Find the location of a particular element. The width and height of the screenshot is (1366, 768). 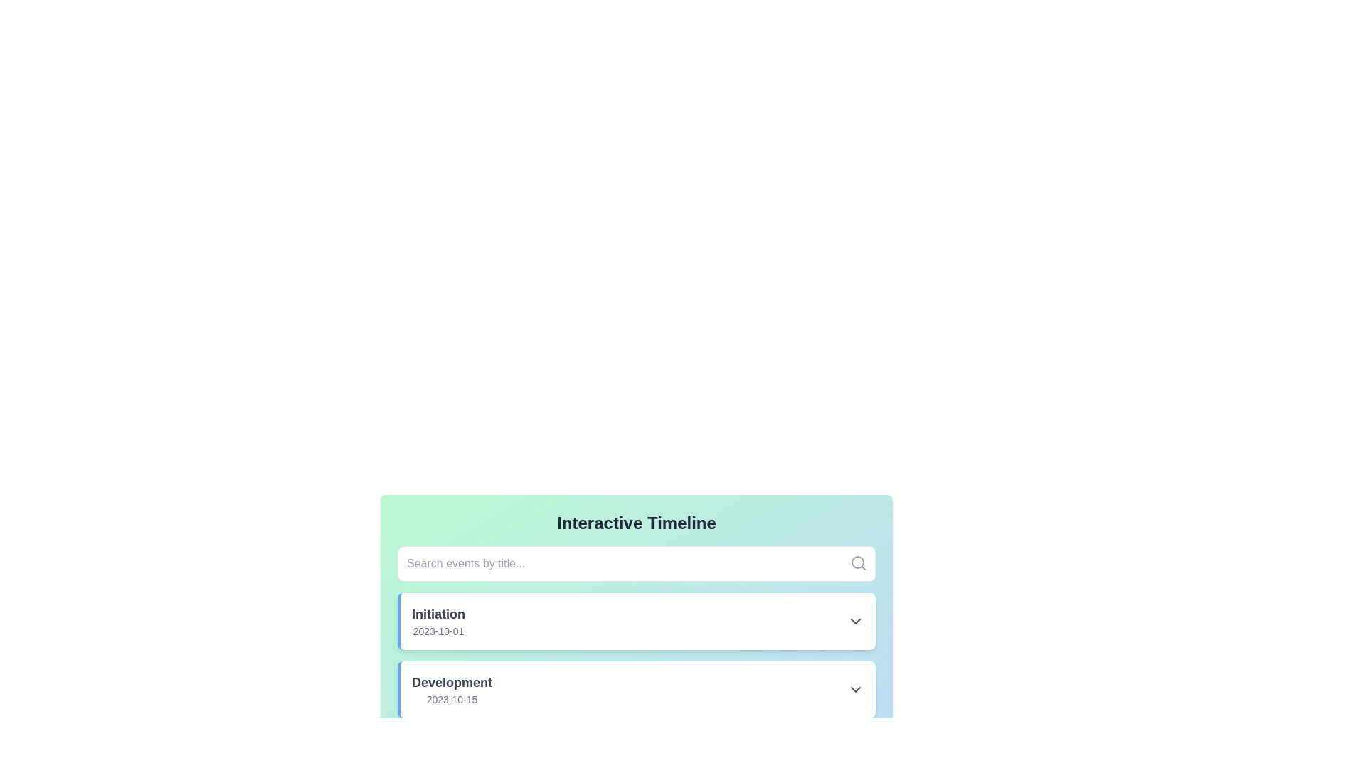

the static text display titled 'Development' with the date '2023-10-15' located in the second card under the 'Interactive Timeline' header is located at coordinates (451, 688).